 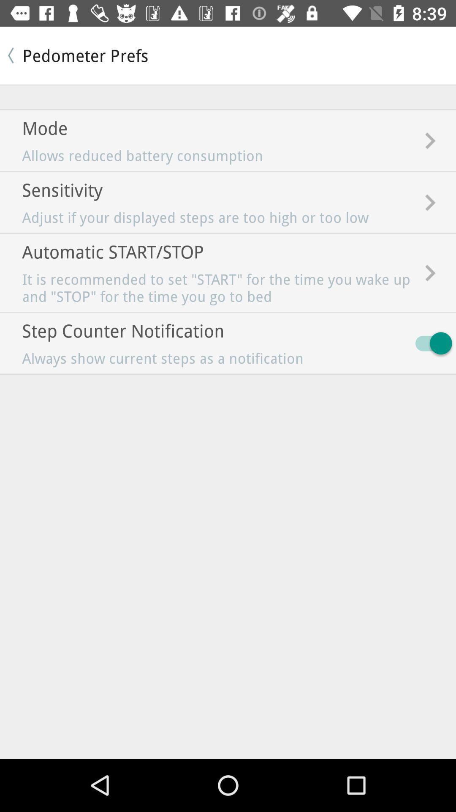 I want to click on notification toggle option, so click(x=429, y=343).